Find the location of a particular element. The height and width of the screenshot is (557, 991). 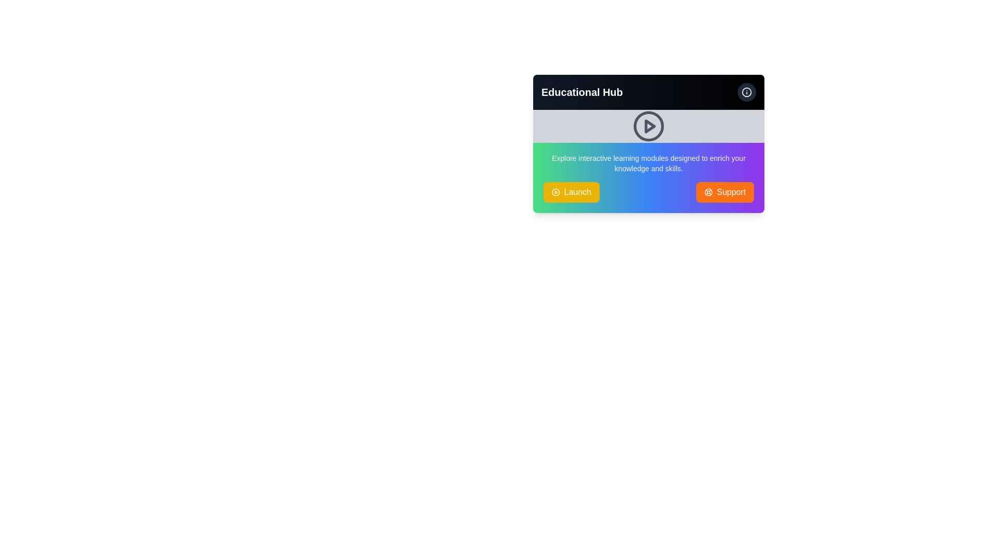

the play icon on the educational card located in the top-right area of the interface is located at coordinates (648, 143).